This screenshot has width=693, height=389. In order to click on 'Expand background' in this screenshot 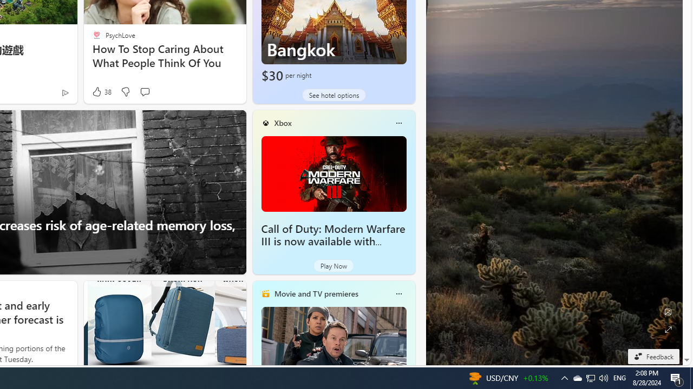, I will do `click(667, 329)`.